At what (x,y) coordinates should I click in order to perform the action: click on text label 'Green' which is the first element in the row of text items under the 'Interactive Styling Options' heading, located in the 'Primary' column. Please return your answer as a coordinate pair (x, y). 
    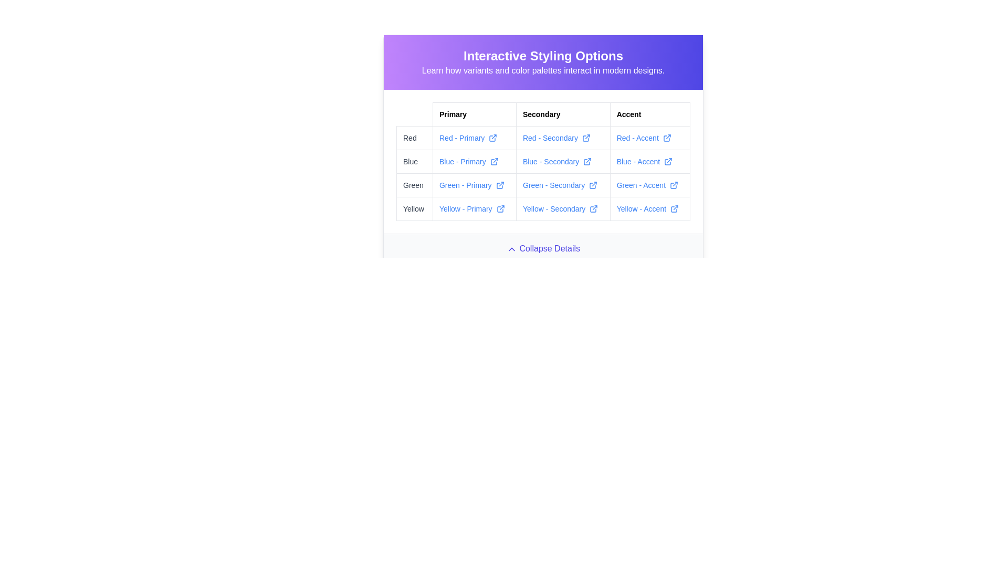
    Looking at the image, I should click on (414, 185).